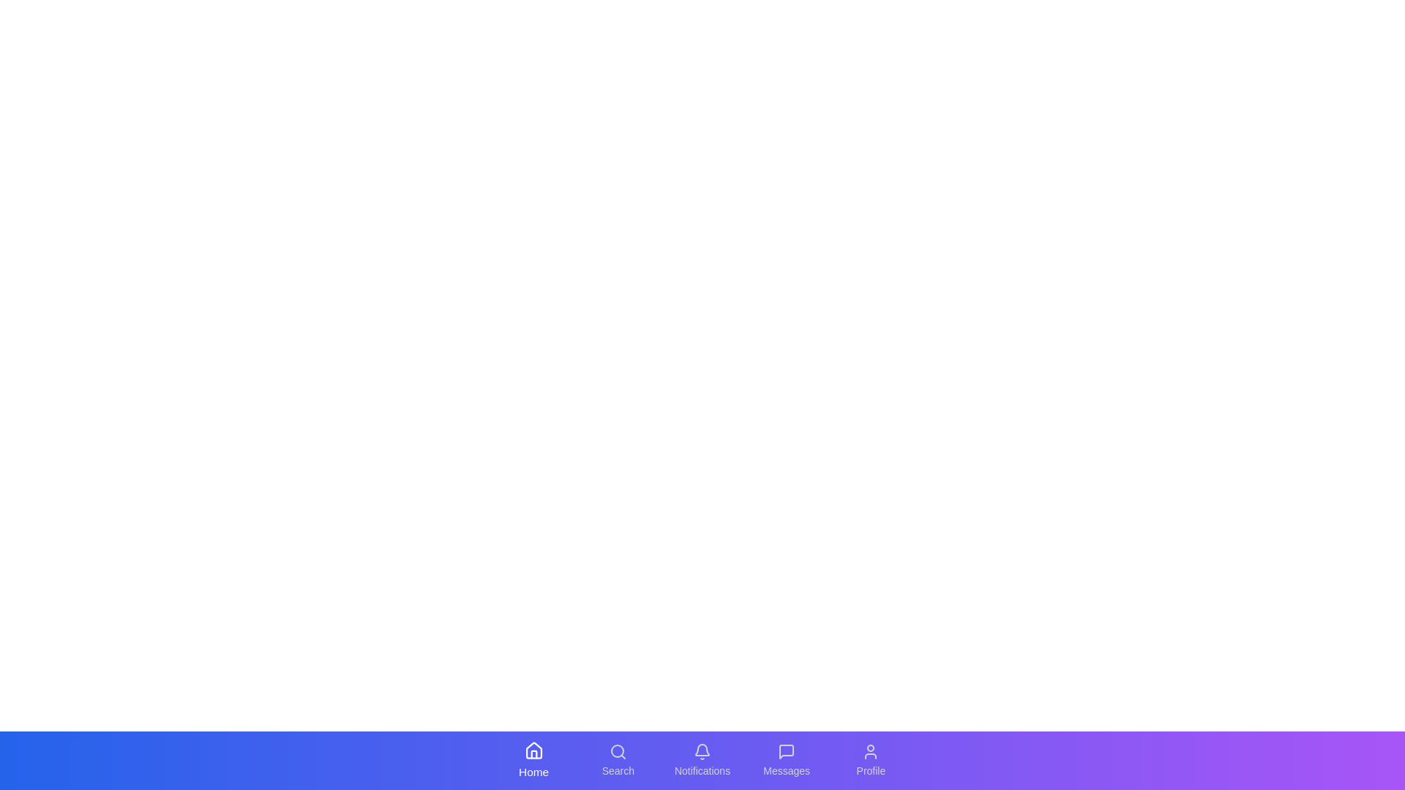  What do you see at coordinates (533, 760) in the screenshot?
I see `the tab labeled Home in the bottom navigation bar` at bounding box center [533, 760].